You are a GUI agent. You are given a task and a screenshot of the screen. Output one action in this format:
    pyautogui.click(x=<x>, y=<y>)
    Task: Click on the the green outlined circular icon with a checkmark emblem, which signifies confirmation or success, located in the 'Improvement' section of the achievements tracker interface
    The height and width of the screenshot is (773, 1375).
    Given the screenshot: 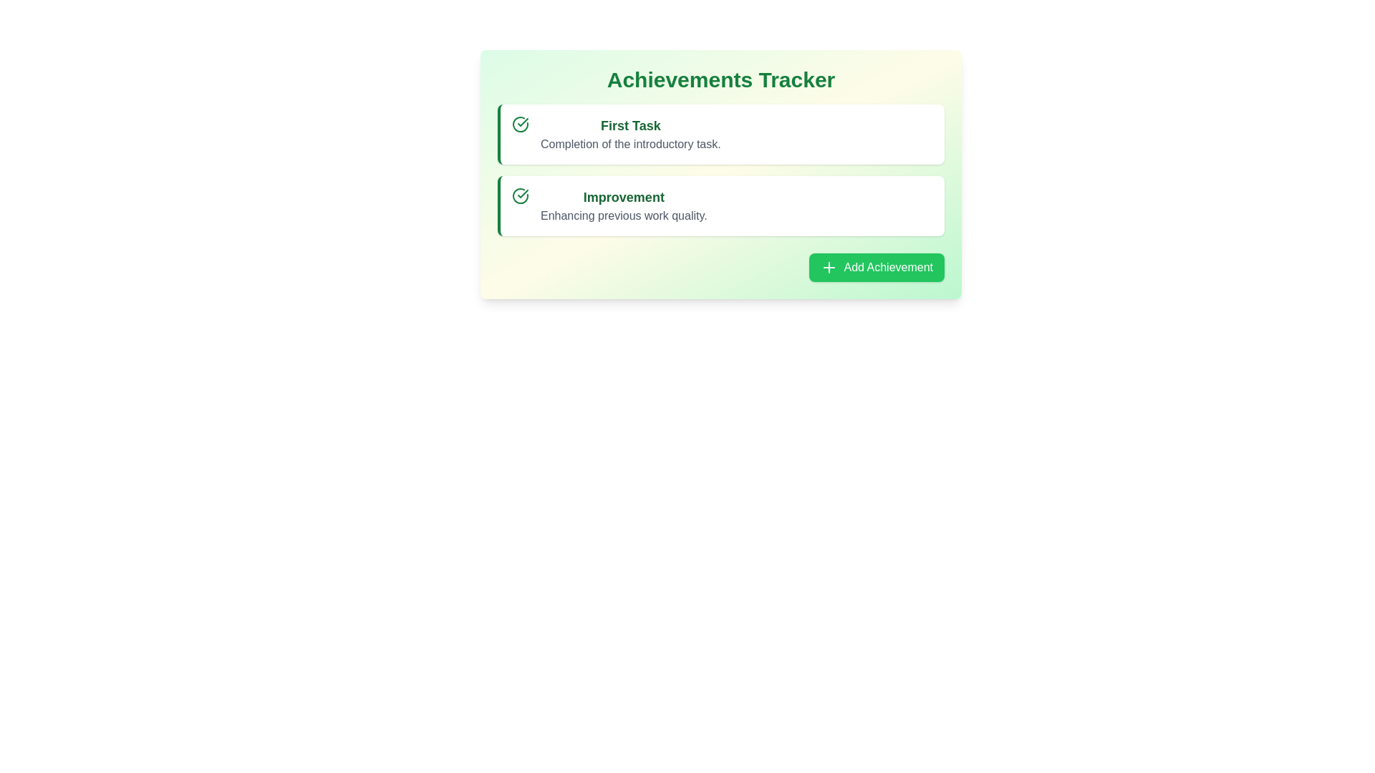 What is the action you would take?
    pyautogui.click(x=519, y=123)
    